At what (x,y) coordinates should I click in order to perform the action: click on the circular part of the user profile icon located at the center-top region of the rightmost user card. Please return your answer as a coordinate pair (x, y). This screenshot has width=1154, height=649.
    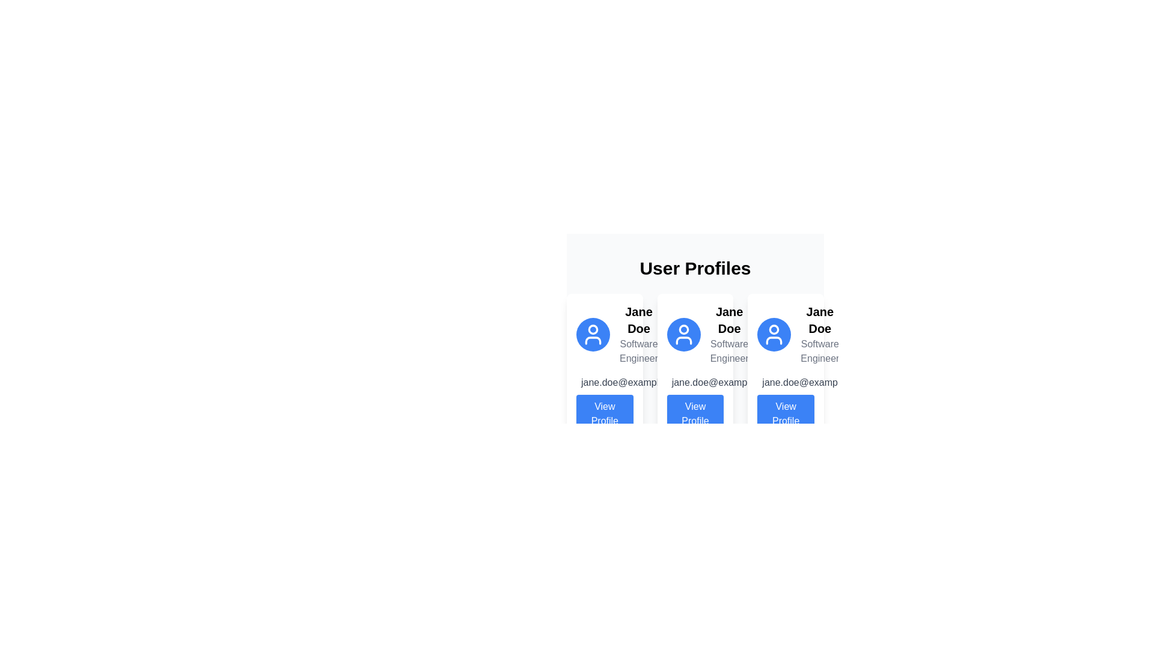
    Looking at the image, I should click on (774, 329).